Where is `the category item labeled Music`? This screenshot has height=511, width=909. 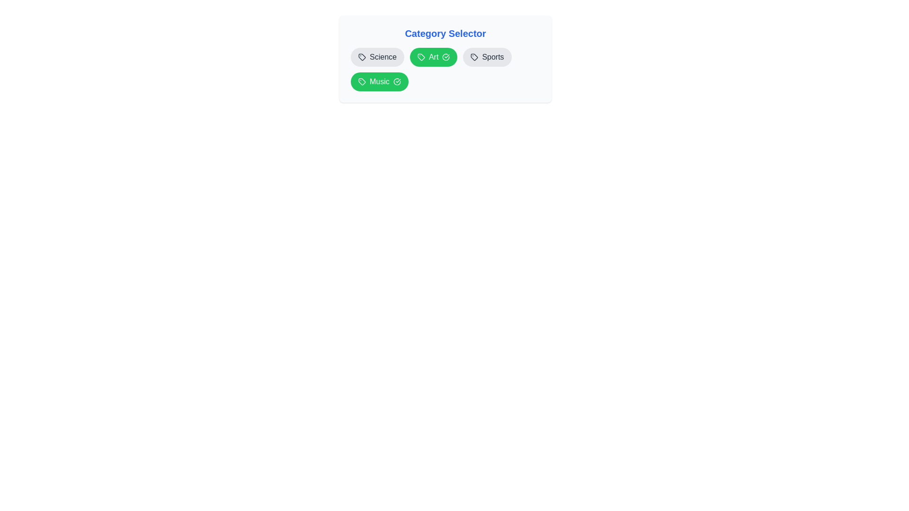
the category item labeled Music is located at coordinates (379, 81).